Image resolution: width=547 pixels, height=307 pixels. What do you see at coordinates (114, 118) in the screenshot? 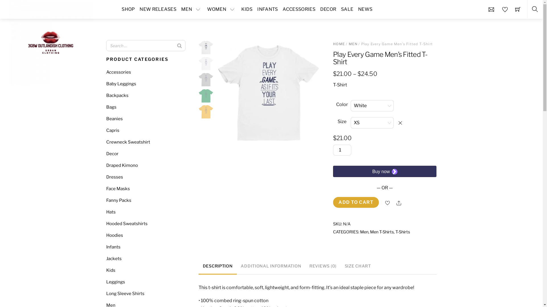
I see `'Beanies'` at bounding box center [114, 118].